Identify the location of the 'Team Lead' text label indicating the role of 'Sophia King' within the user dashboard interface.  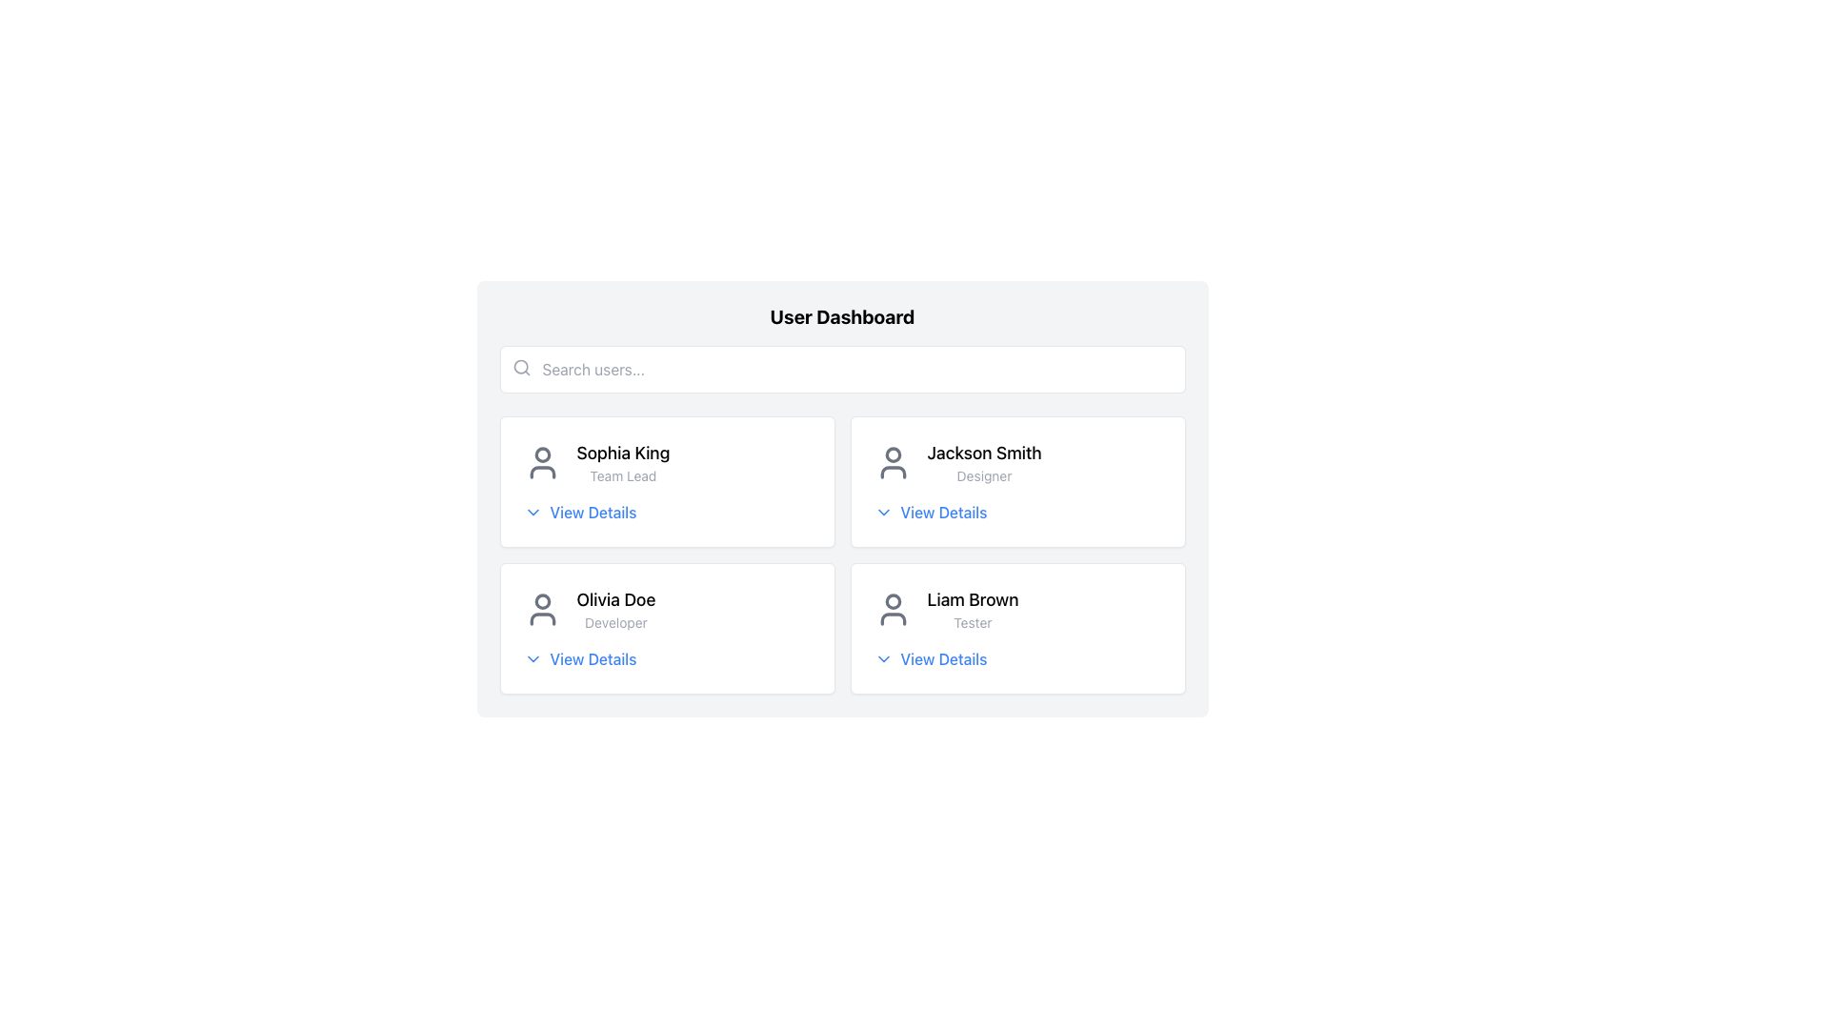
(623, 475).